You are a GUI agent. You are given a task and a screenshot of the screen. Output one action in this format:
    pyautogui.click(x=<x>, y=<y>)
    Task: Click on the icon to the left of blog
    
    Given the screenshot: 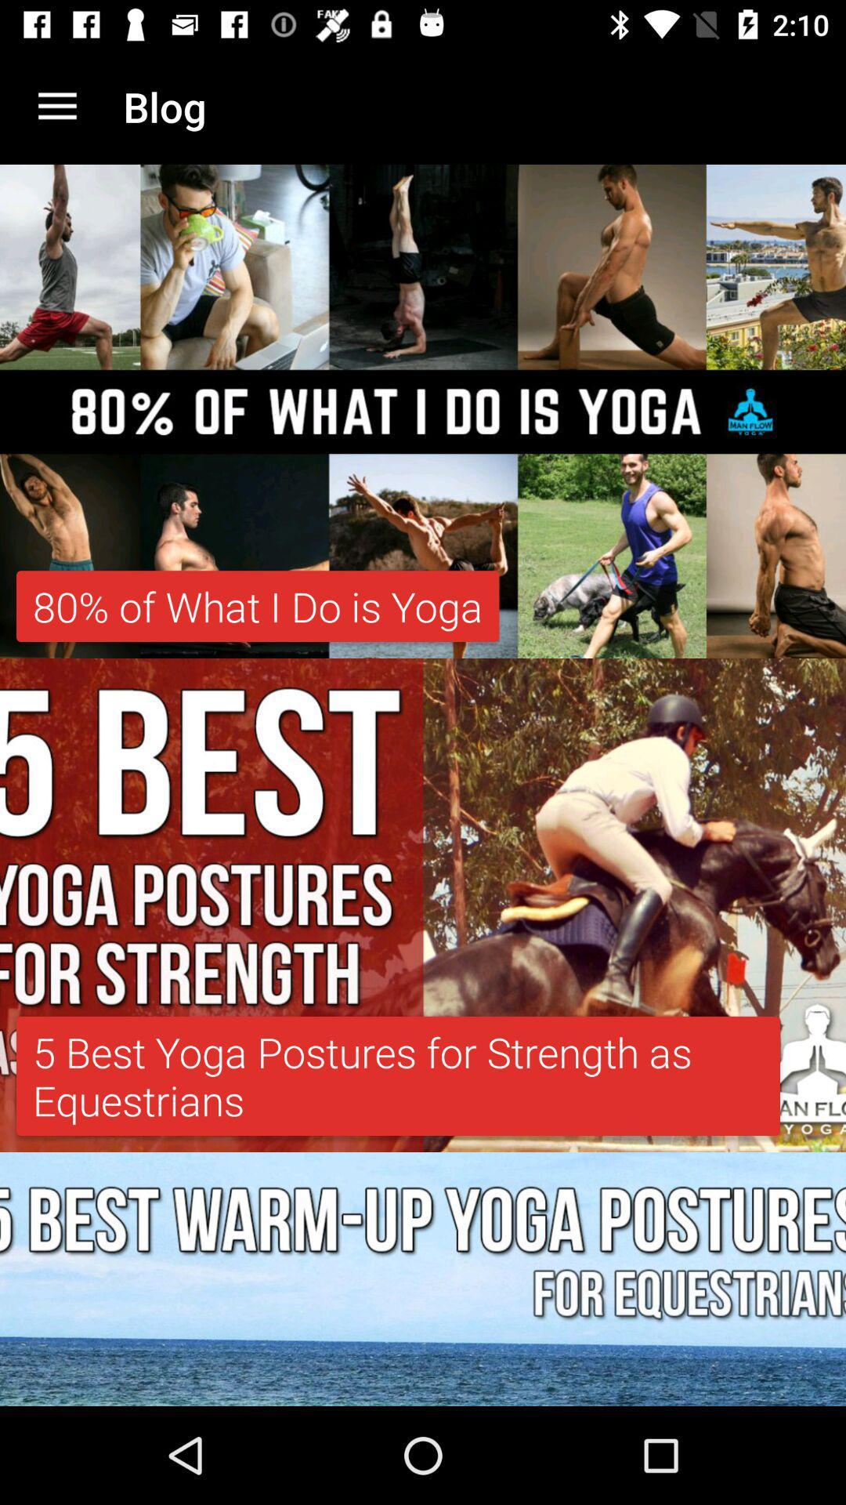 What is the action you would take?
    pyautogui.click(x=56, y=106)
    